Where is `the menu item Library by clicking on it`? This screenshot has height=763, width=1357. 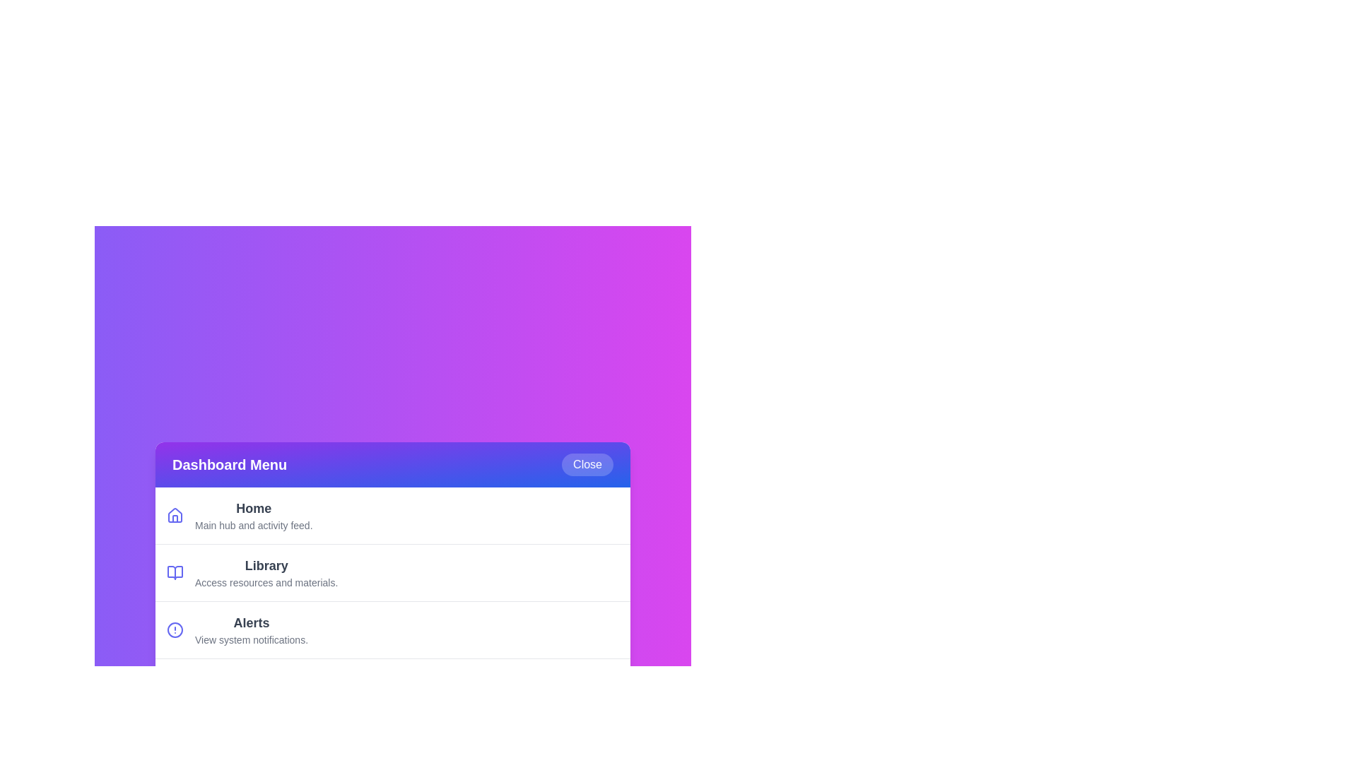
the menu item Library by clicking on it is located at coordinates (393, 572).